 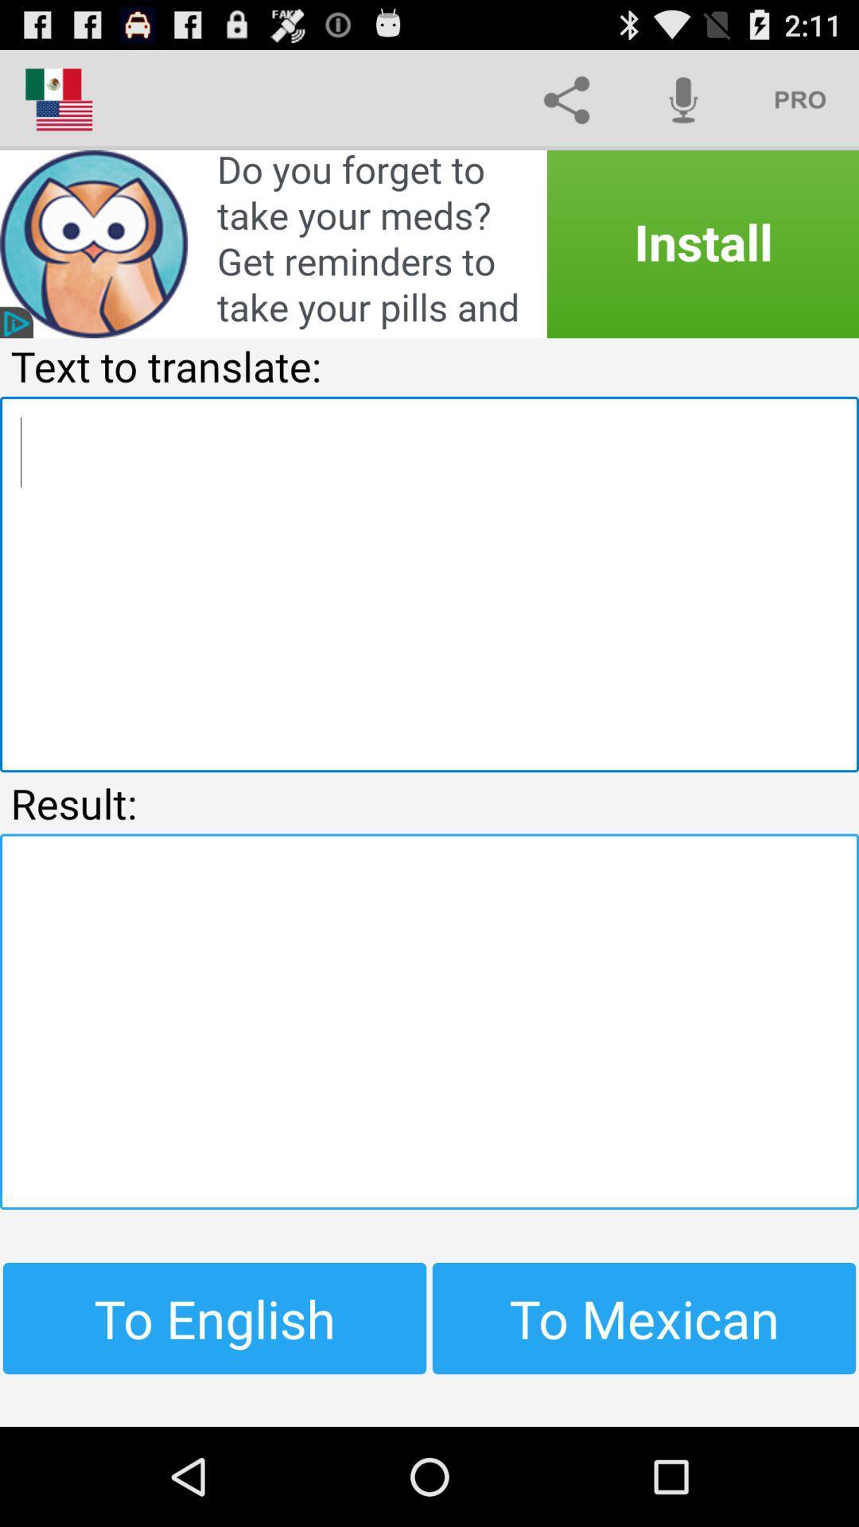 What do you see at coordinates (644, 1318) in the screenshot?
I see `to mexican` at bounding box center [644, 1318].